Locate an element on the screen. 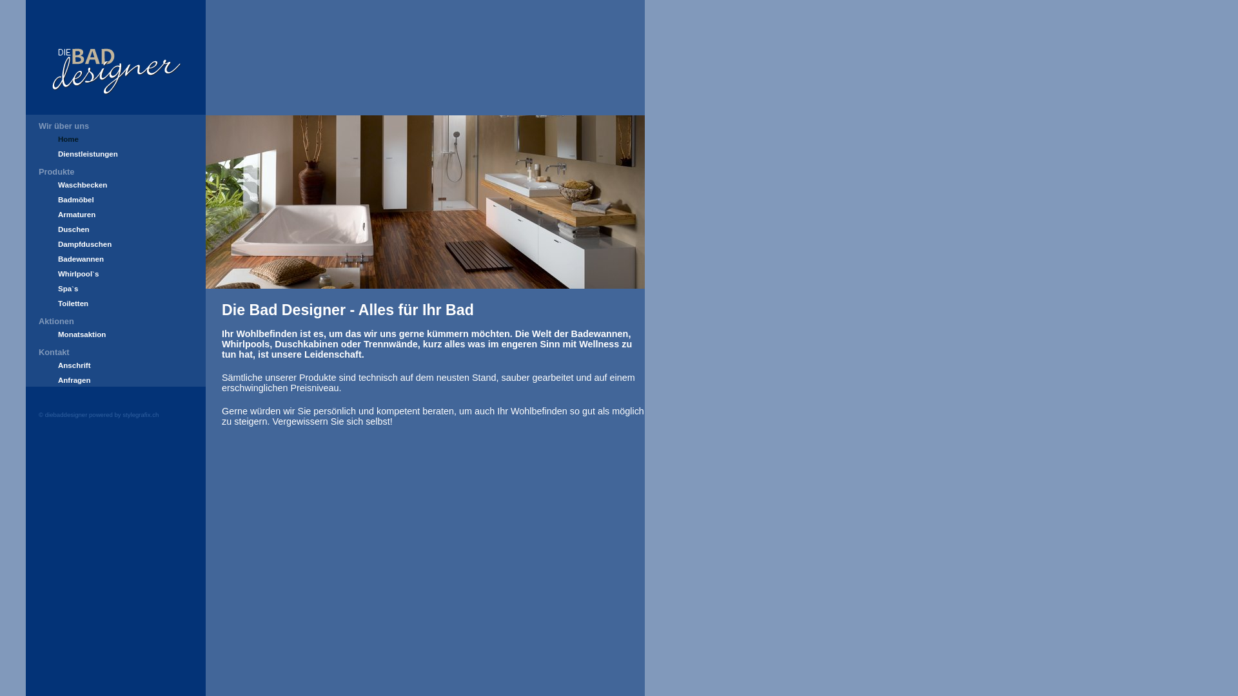 The width and height of the screenshot is (1238, 696). 'Home' is located at coordinates (67, 139).